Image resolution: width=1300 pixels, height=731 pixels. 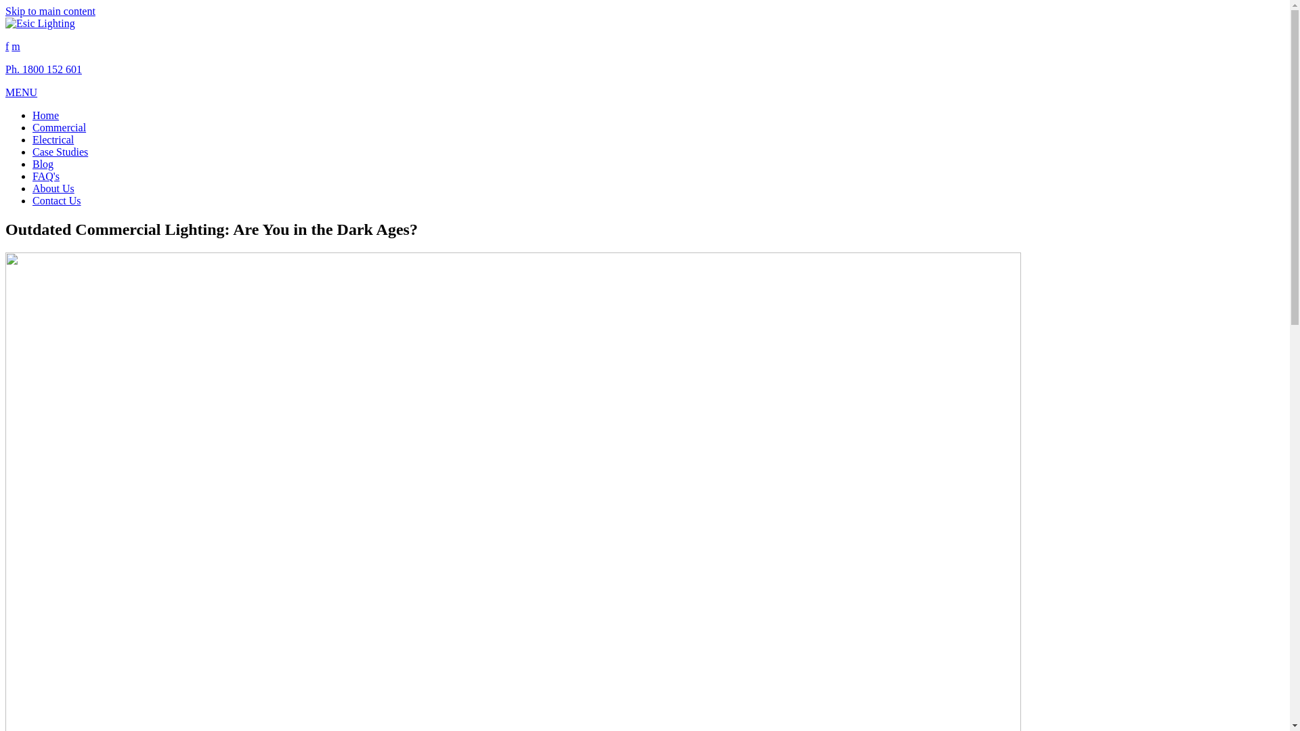 What do you see at coordinates (32, 152) in the screenshot?
I see `'Case Studies'` at bounding box center [32, 152].